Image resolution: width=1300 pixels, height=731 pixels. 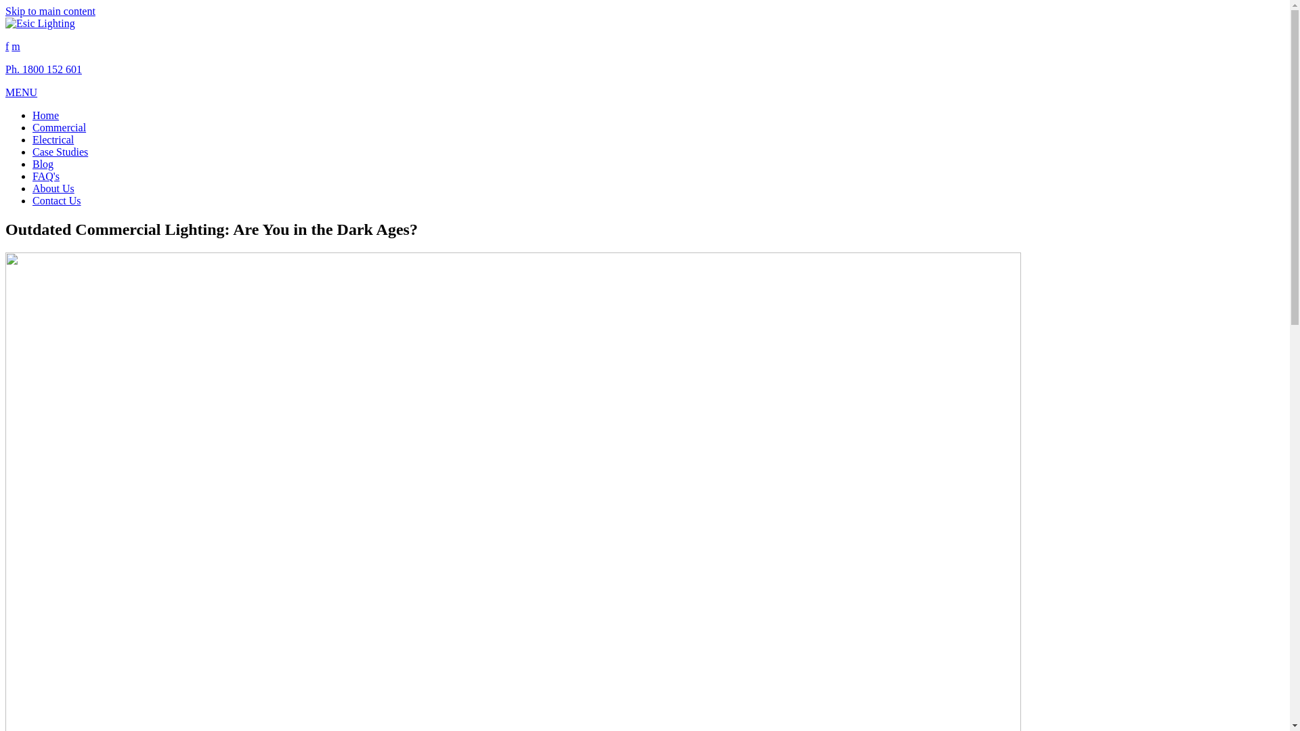 What do you see at coordinates (32, 152) in the screenshot?
I see `'Case Studies'` at bounding box center [32, 152].